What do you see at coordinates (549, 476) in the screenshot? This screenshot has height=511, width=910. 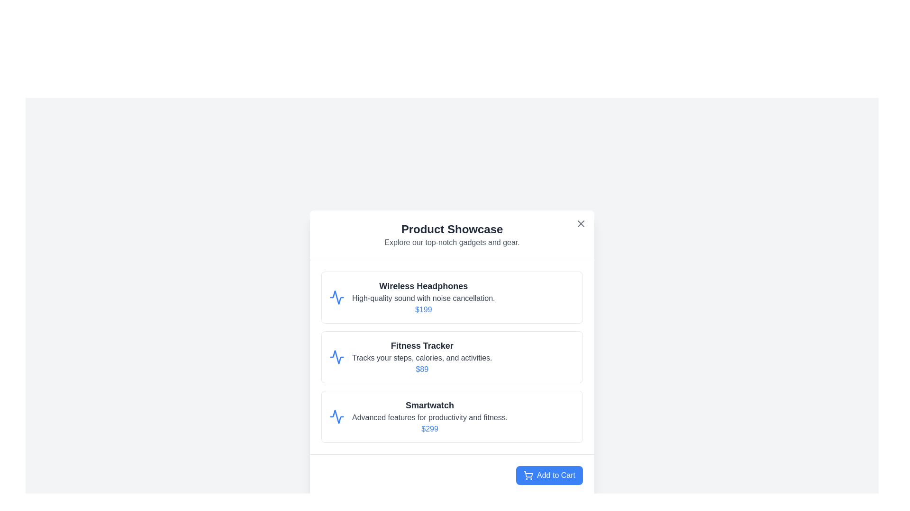 I see `the blue rectangular button with rounded edges that has a white shopping cart icon and the text 'Add to Cart'` at bounding box center [549, 476].